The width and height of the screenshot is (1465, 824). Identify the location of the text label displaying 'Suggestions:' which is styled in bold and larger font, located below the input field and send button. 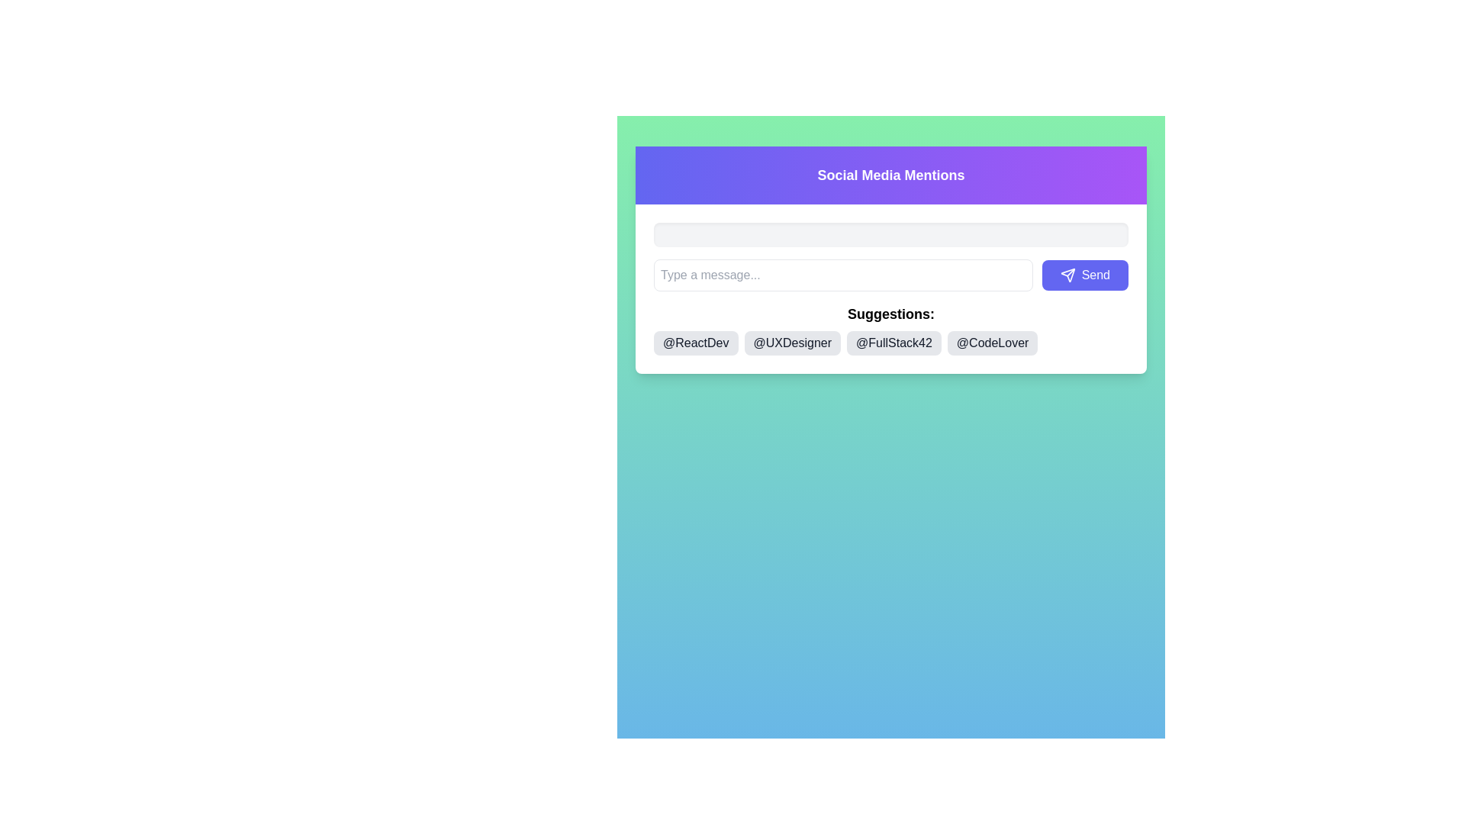
(890, 314).